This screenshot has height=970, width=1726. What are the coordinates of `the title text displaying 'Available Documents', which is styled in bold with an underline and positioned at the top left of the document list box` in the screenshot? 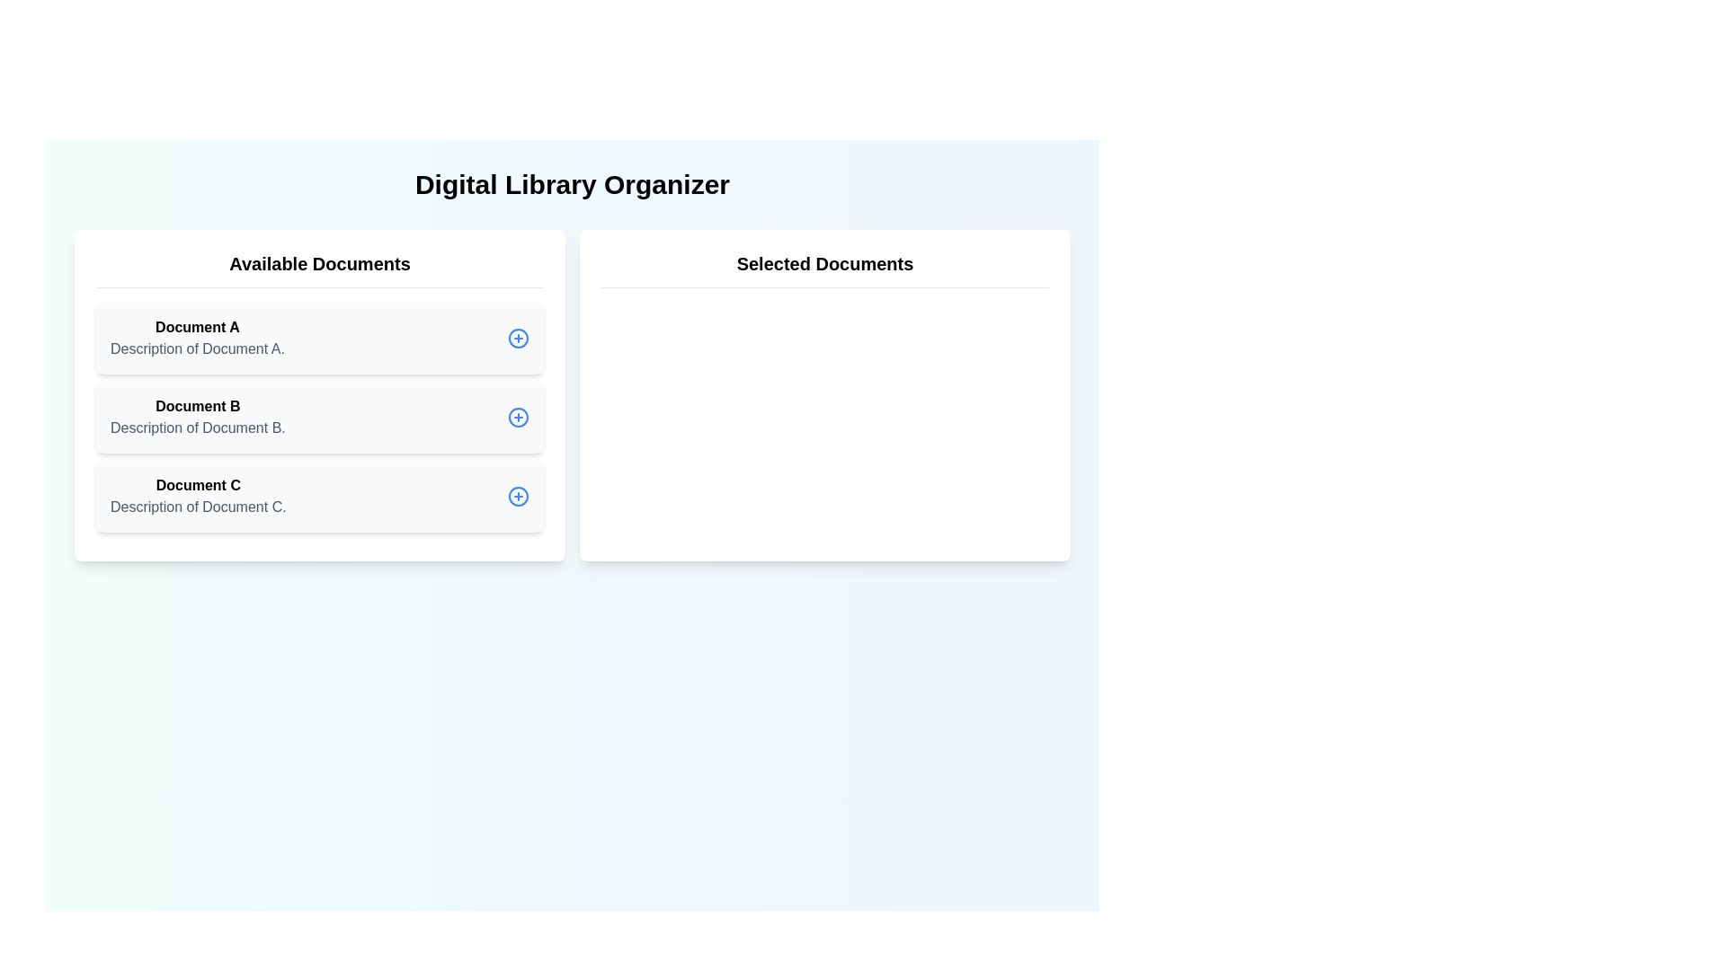 It's located at (319, 269).